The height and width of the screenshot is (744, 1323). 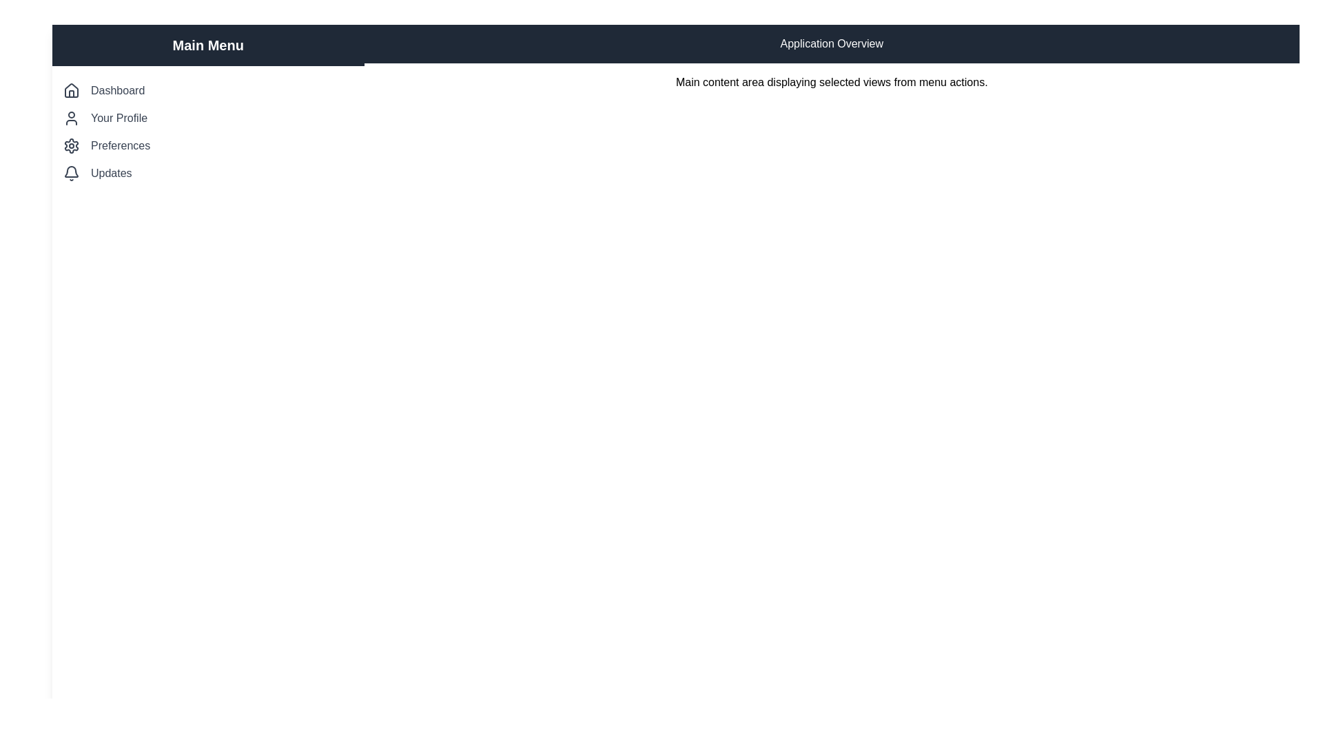 What do you see at coordinates (831, 82) in the screenshot?
I see `textual description in the text block that states 'Main content area displaying selected views from menu actions.' located below the 'Application Overview' section` at bounding box center [831, 82].